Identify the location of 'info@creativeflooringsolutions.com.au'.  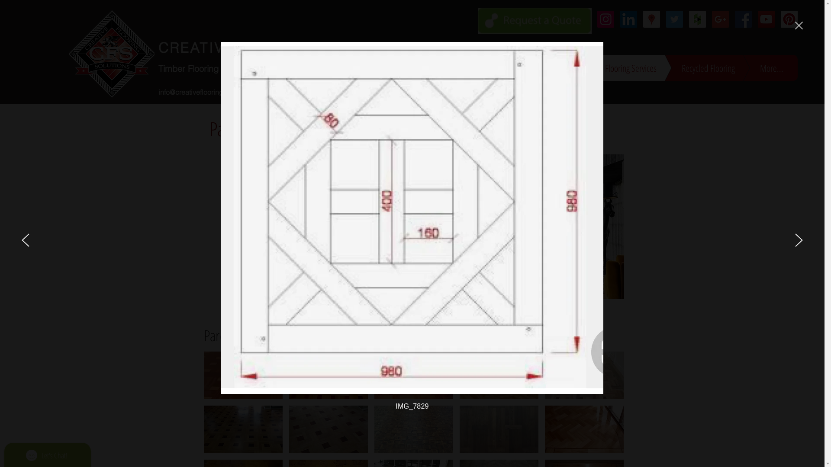
(217, 92).